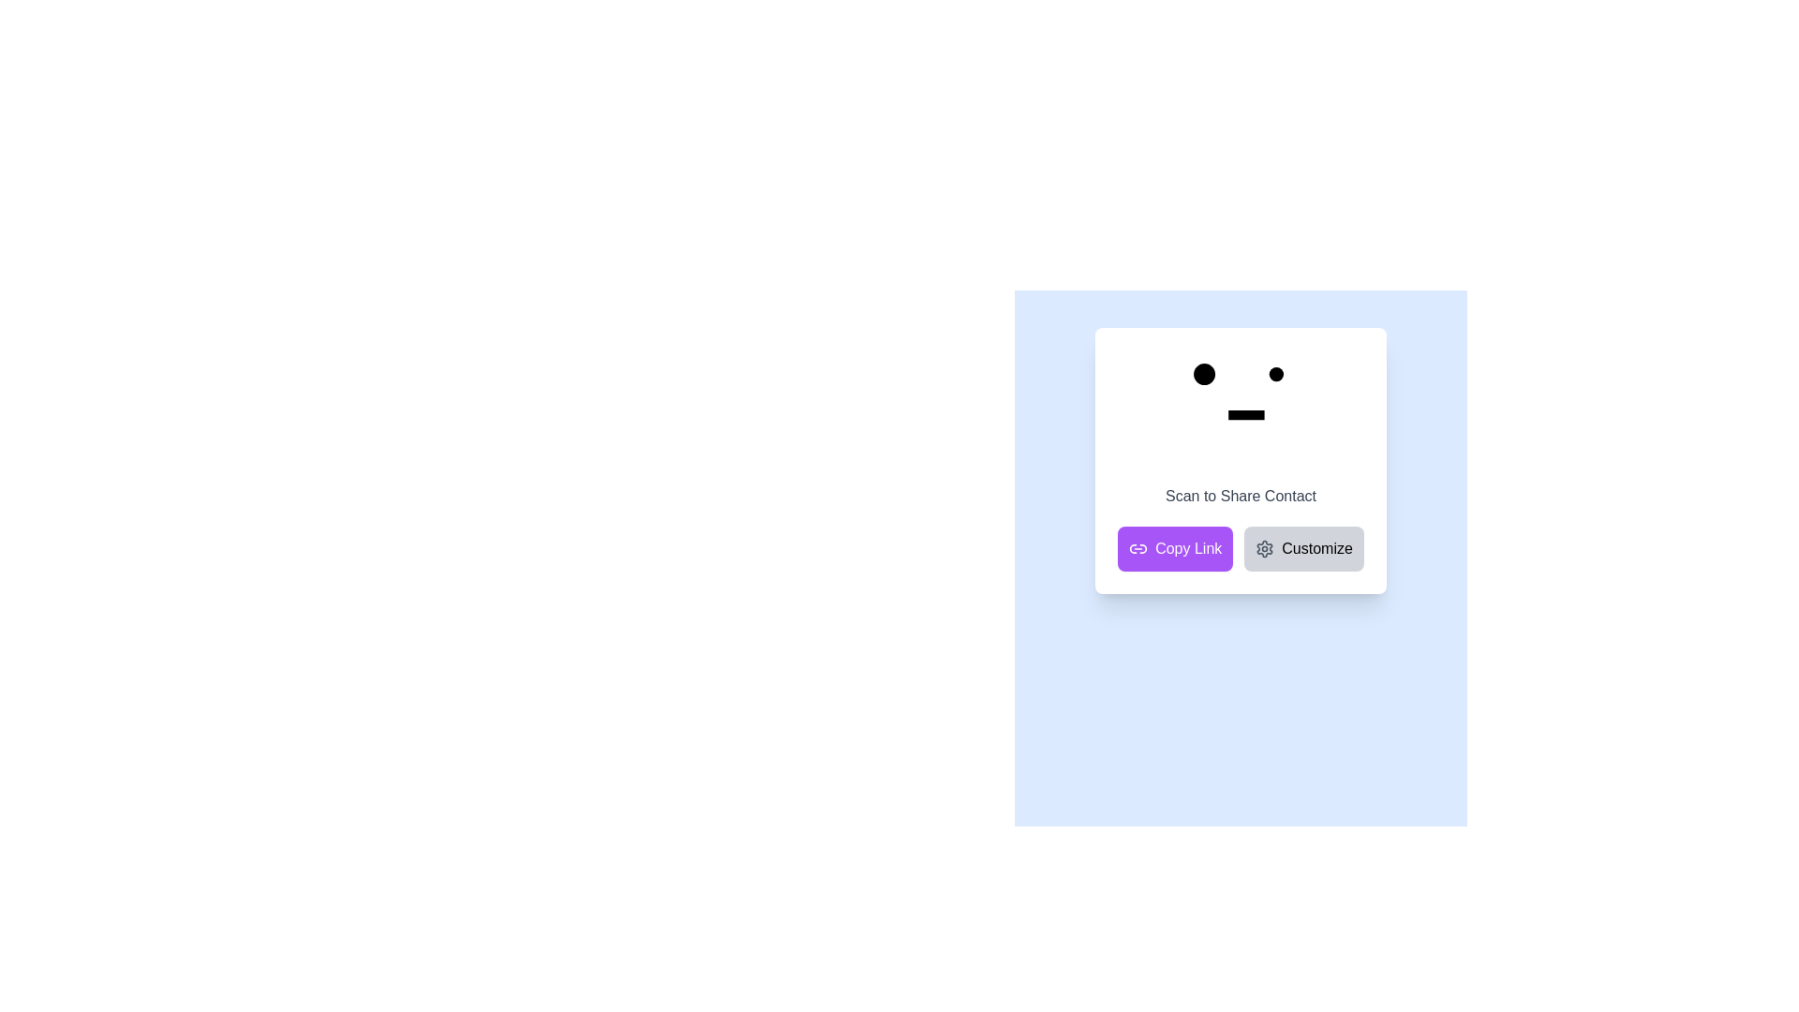 The width and height of the screenshot is (1799, 1012). Describe the element at coordinates (1265, 548) in the screenshot. I see `the settings cogwheel icon, which is a grayish cogwheel-shaped icon located at the top-right corner of the interactive area of the card` at that location.